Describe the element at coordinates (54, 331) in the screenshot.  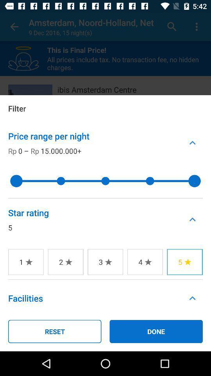
I see `reset icon` at that location.